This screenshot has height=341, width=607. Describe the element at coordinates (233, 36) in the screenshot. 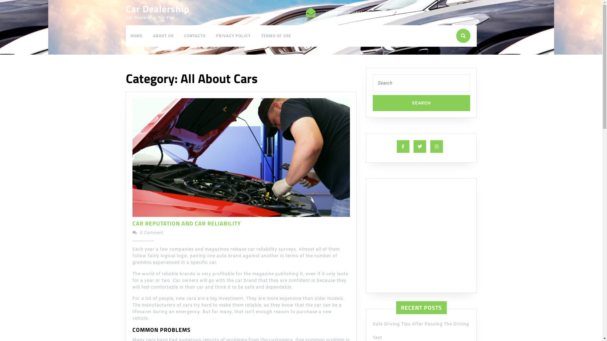

I see `'PRIVACY POLICY'` at that location.